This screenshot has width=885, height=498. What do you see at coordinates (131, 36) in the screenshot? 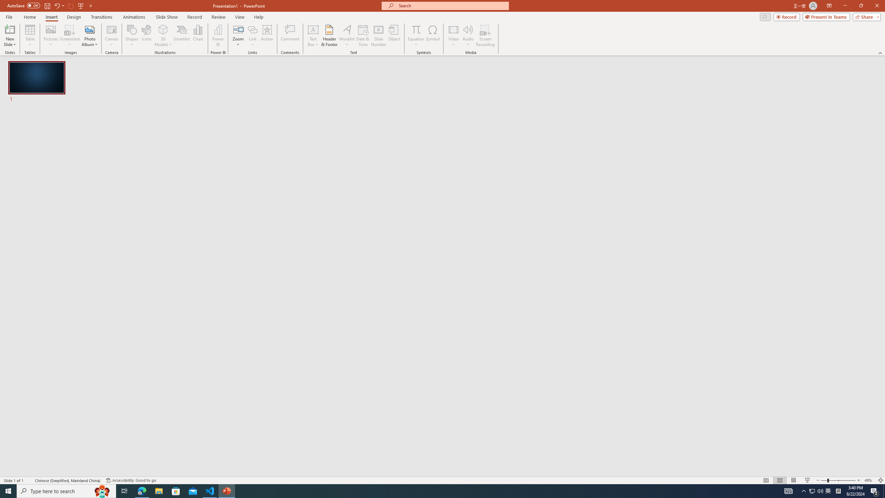
I see `'Shapes'` at bounding box center [131, 36].